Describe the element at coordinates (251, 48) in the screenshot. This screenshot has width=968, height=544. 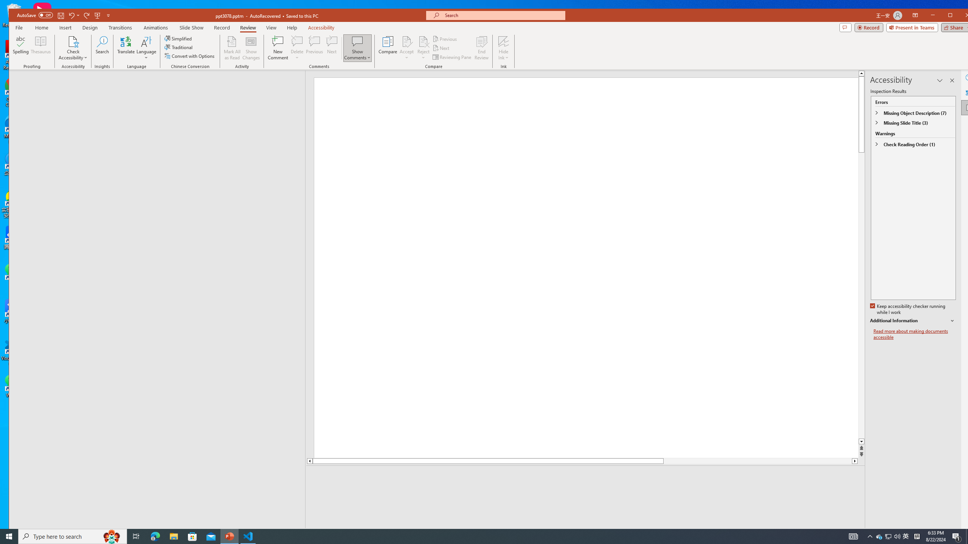
I see `'Show Changes'` at that location.